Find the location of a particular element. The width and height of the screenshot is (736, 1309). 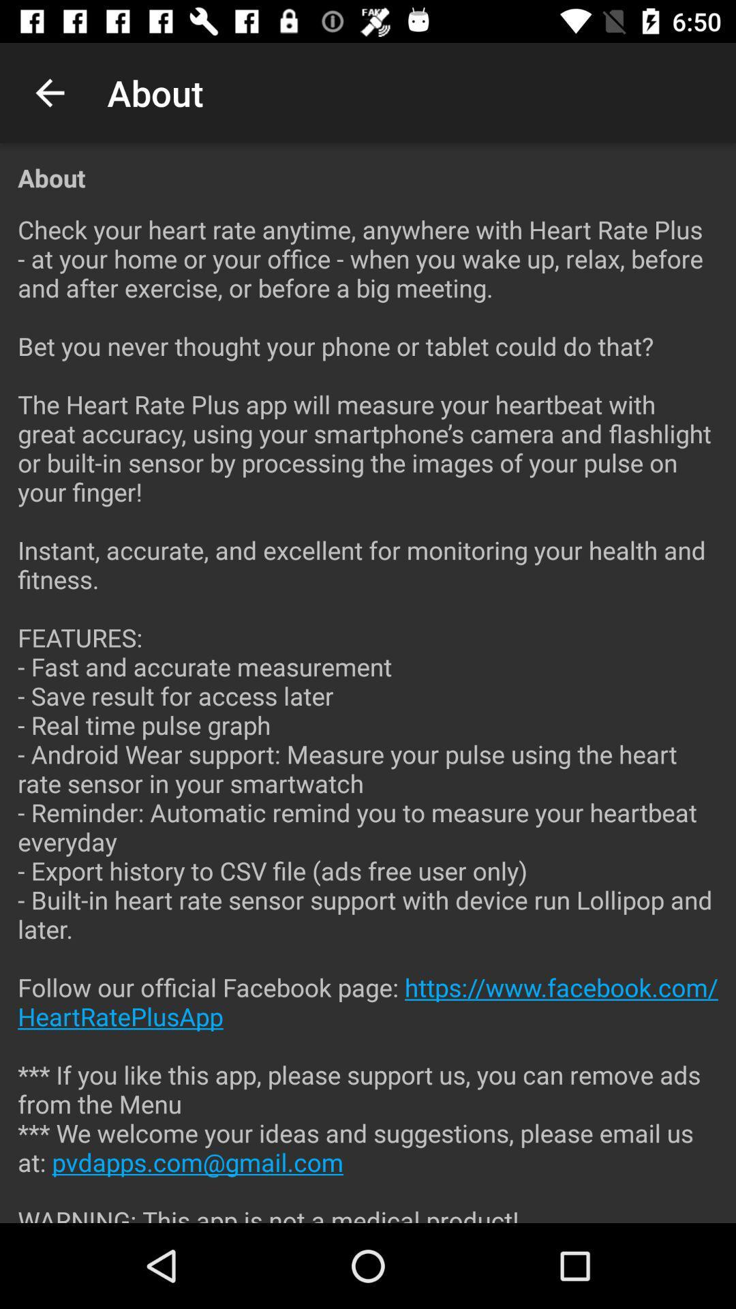

app next to the about icon is located at coordinates (49, 92).